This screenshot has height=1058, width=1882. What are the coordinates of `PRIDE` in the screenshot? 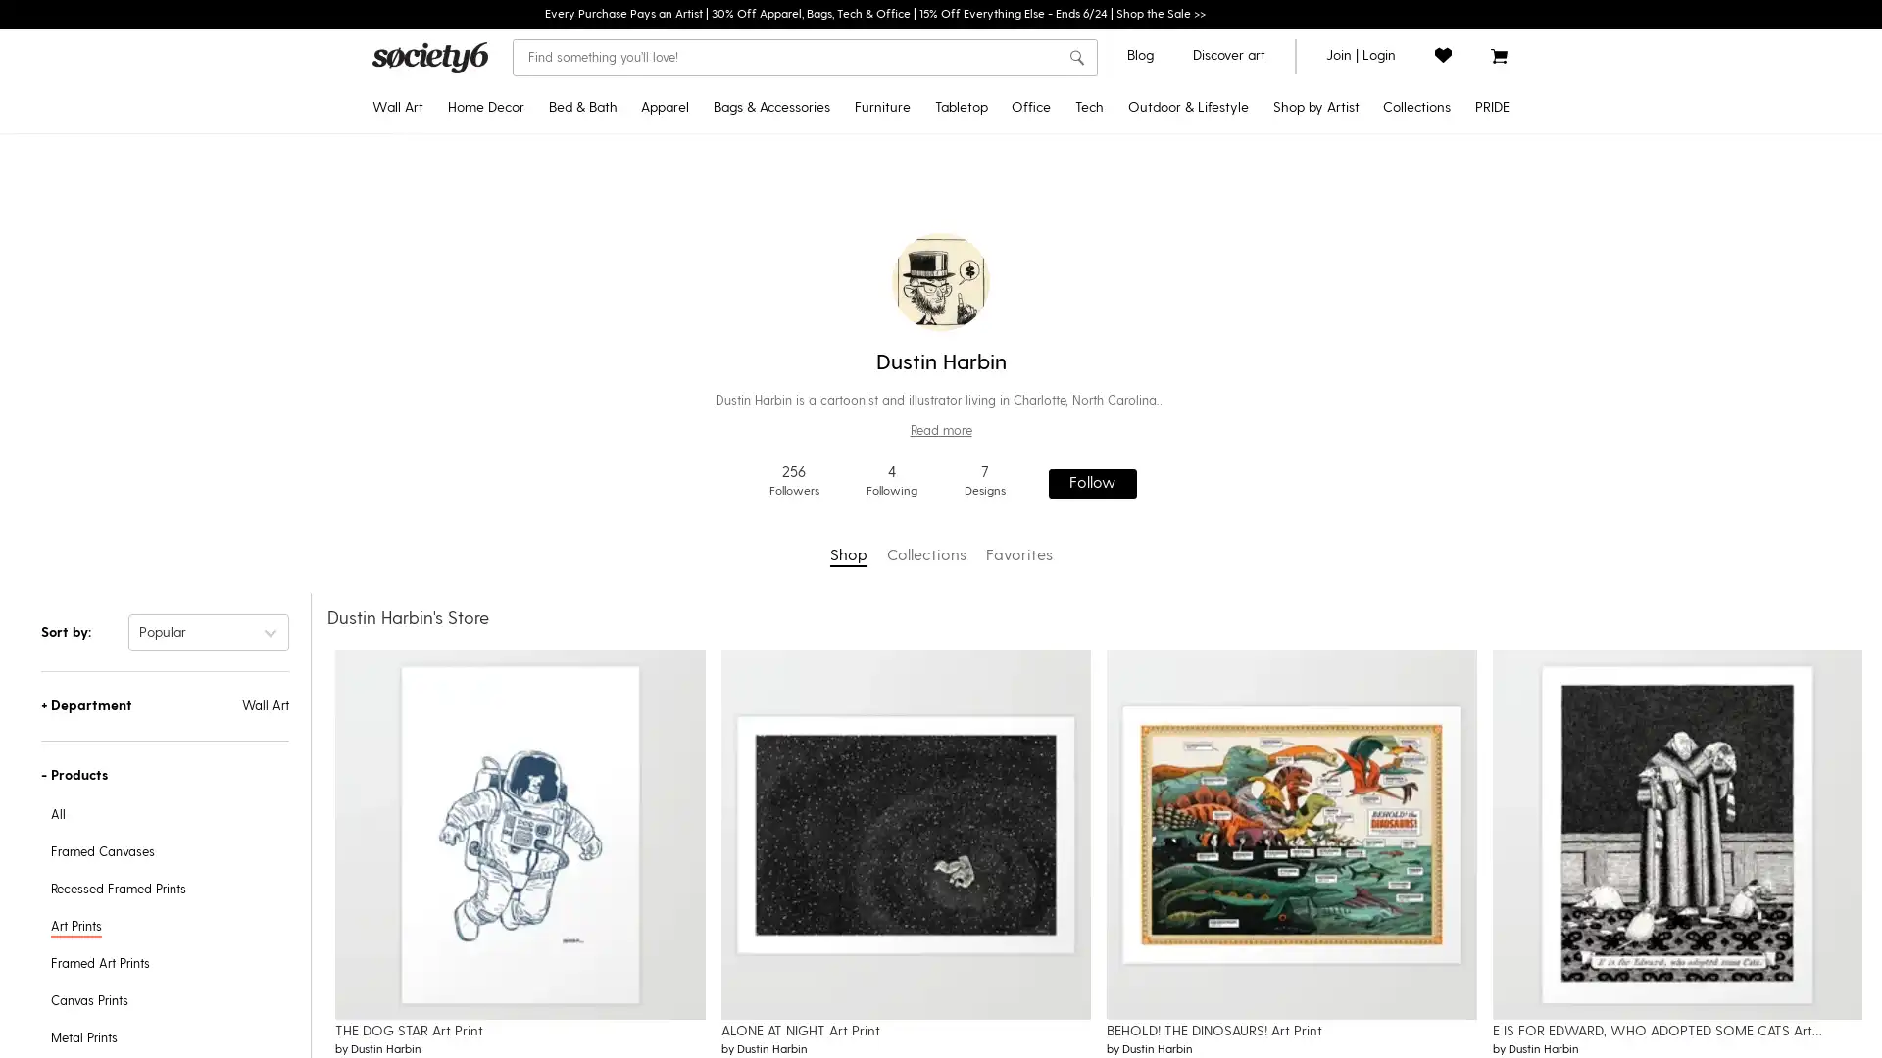 It's located at (1491, 108).